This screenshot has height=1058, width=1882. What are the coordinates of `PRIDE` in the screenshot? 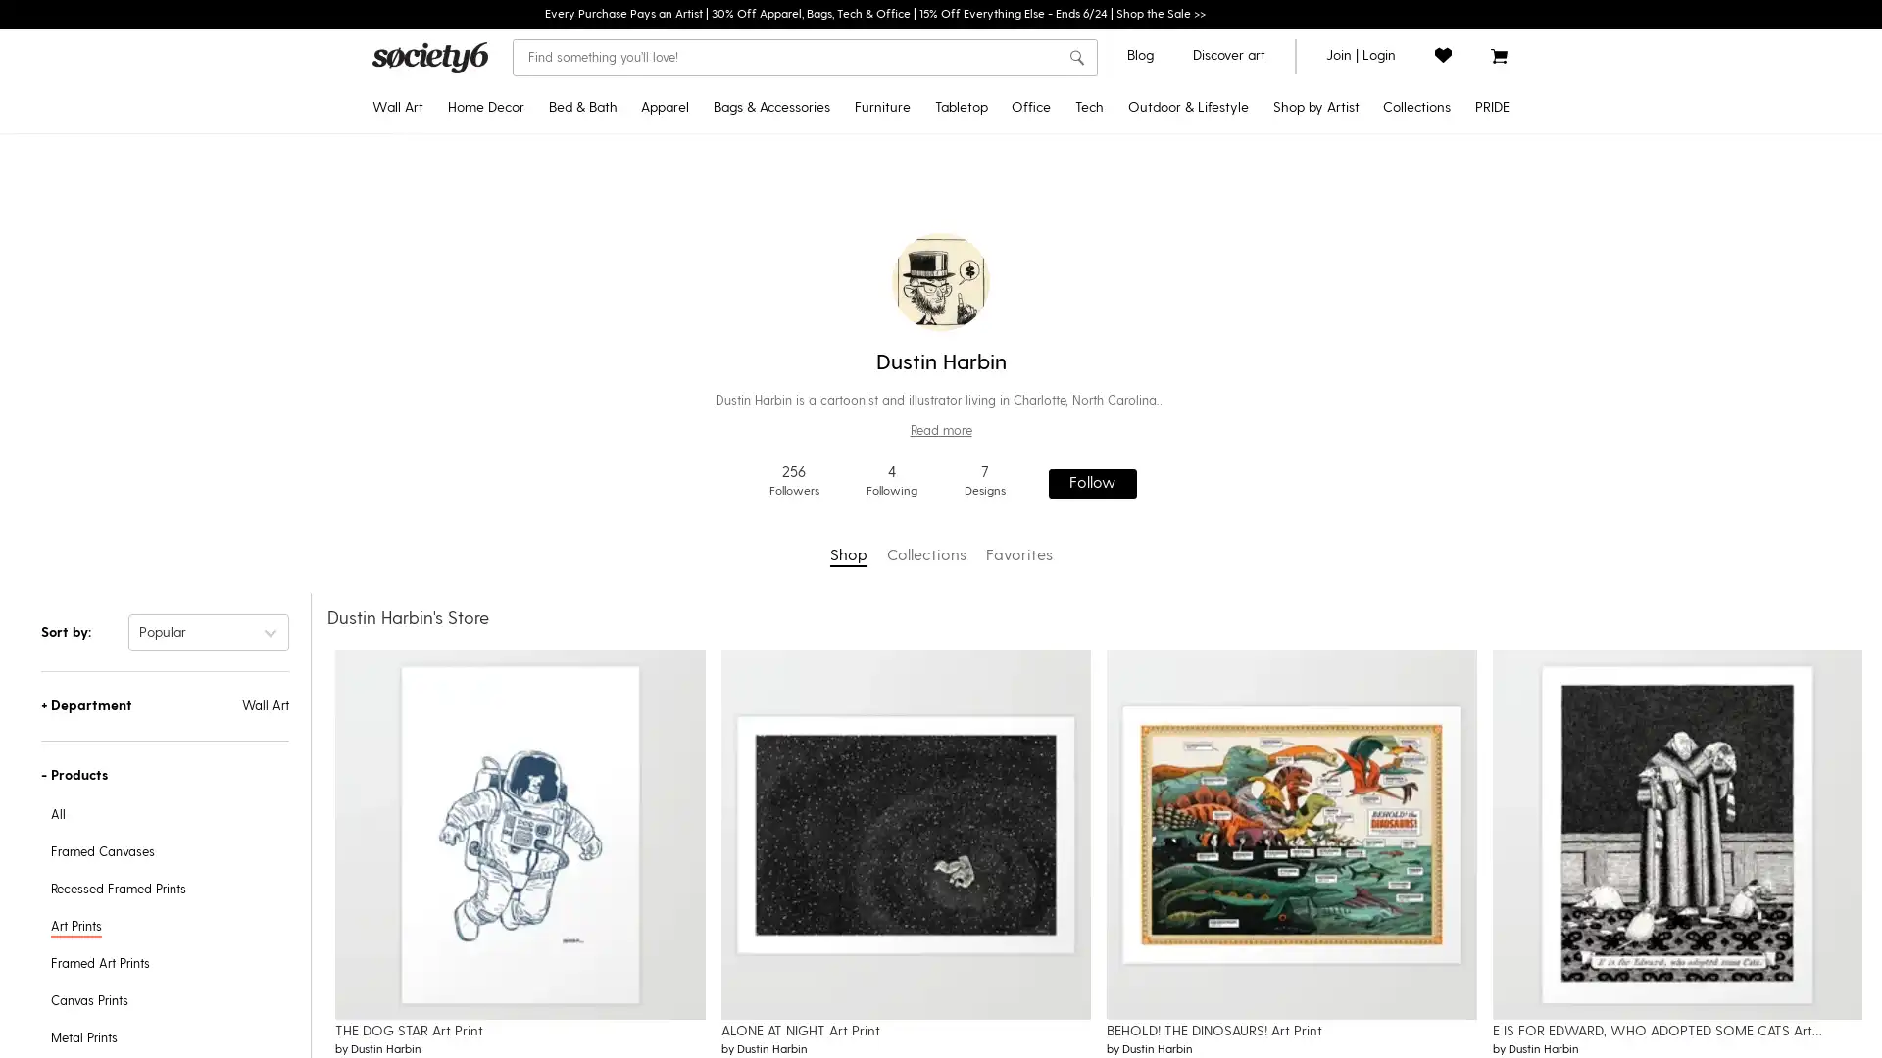 It's located at (1491, 108).